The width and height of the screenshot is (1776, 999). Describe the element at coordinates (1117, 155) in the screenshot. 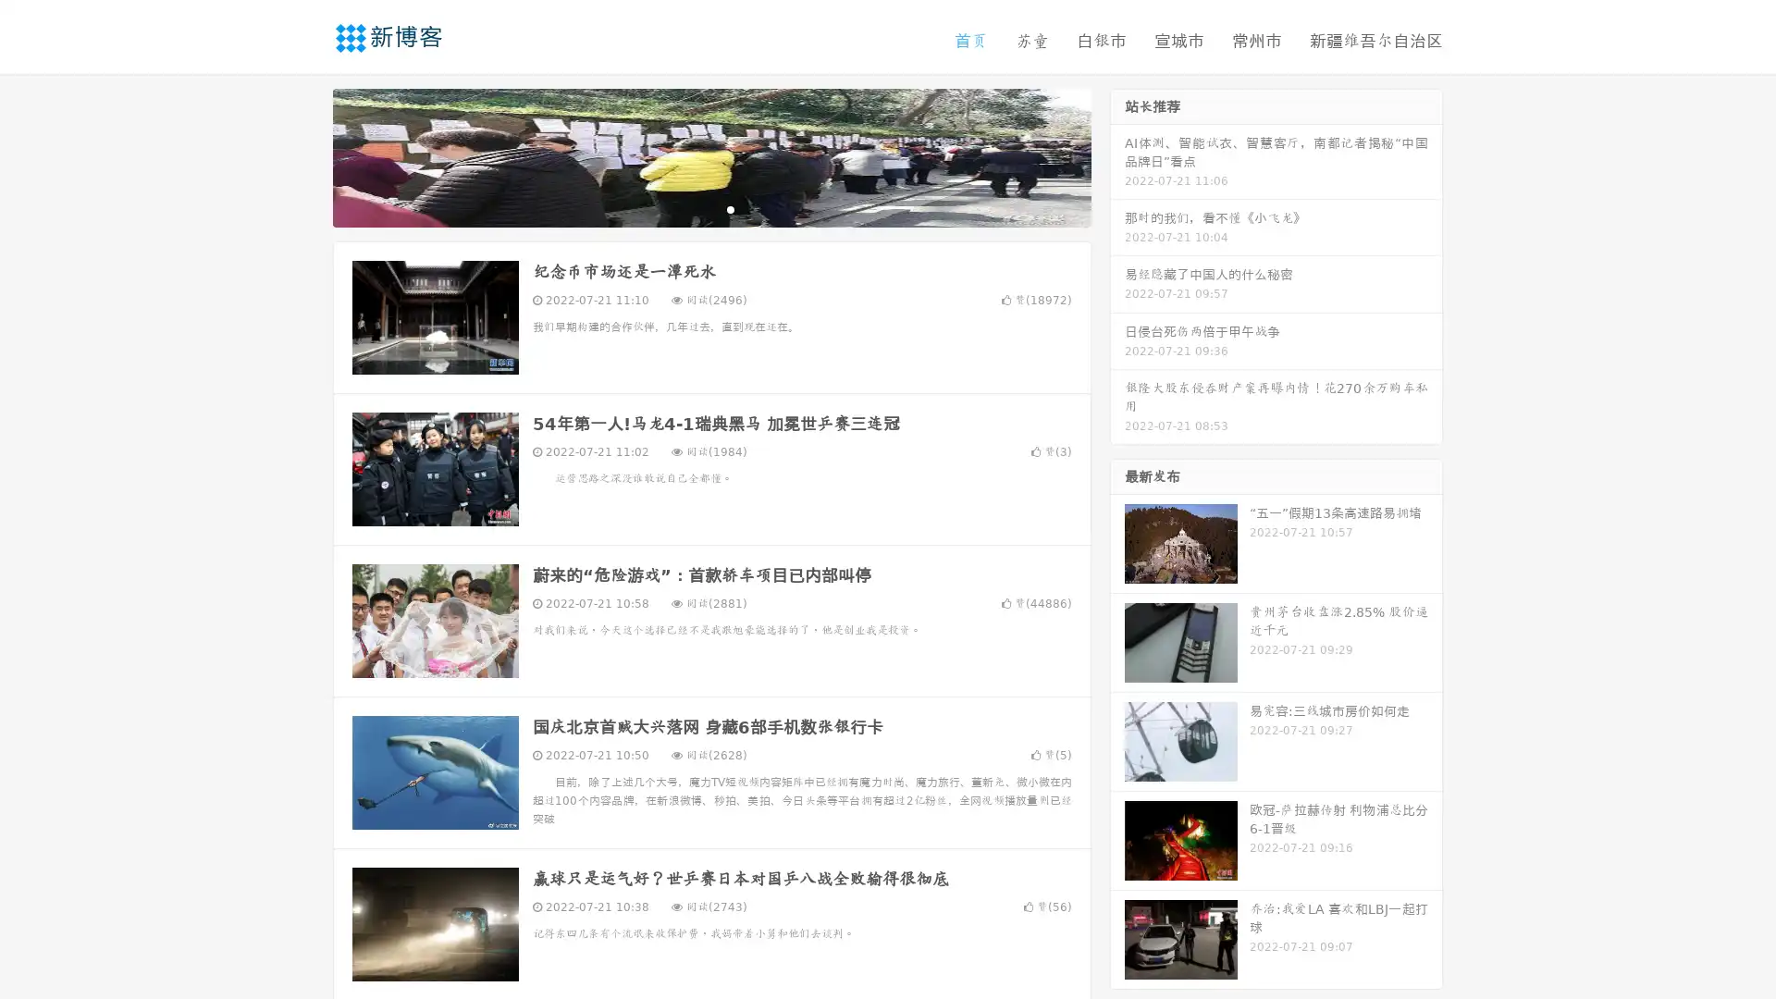

I see `Next slide` at that location.